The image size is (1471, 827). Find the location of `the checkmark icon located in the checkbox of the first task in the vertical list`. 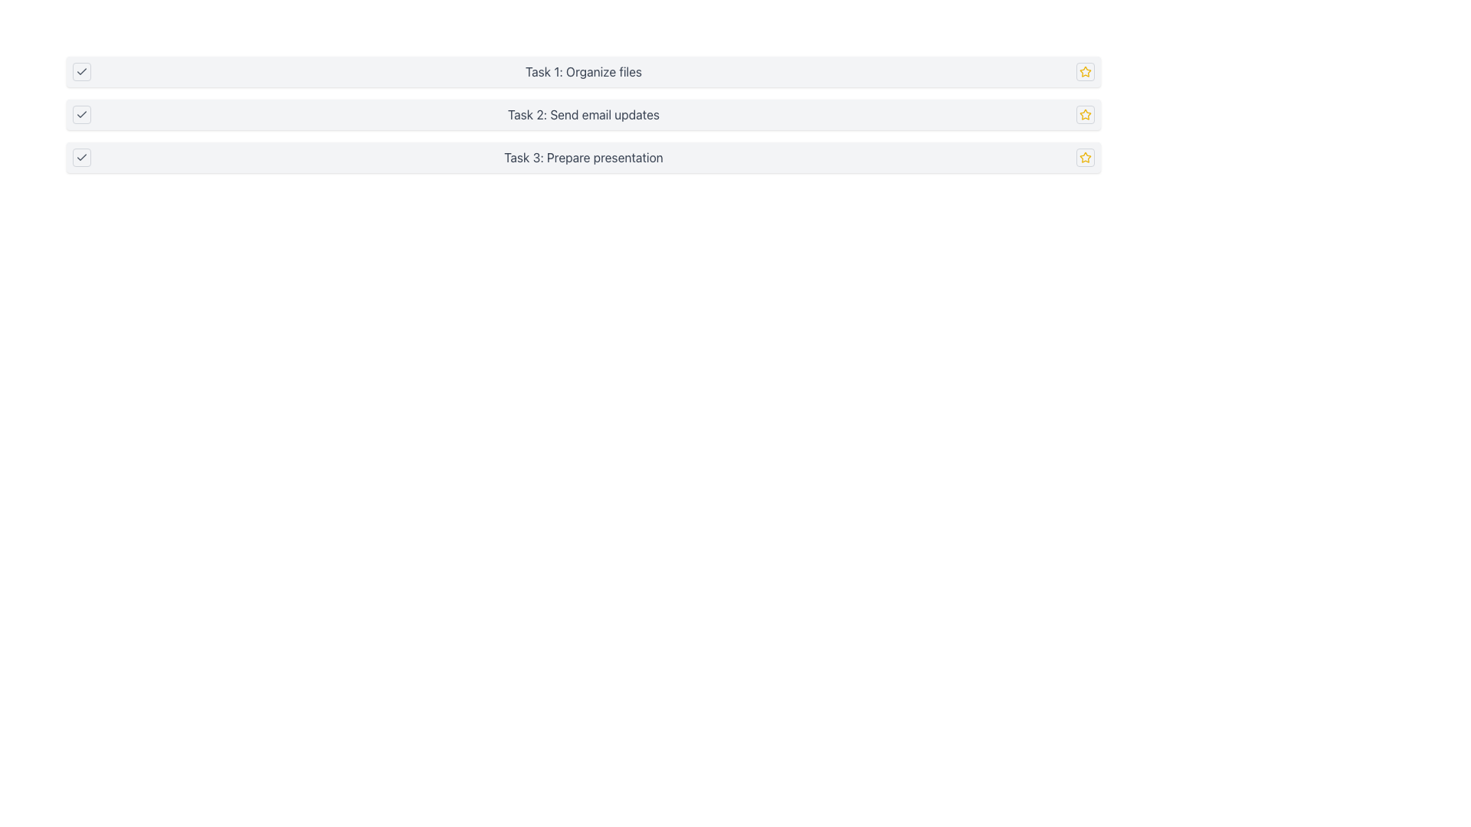

the checkmark icon located in the checkbox of the first task in the vertical list is located at coordinates (80, 71).